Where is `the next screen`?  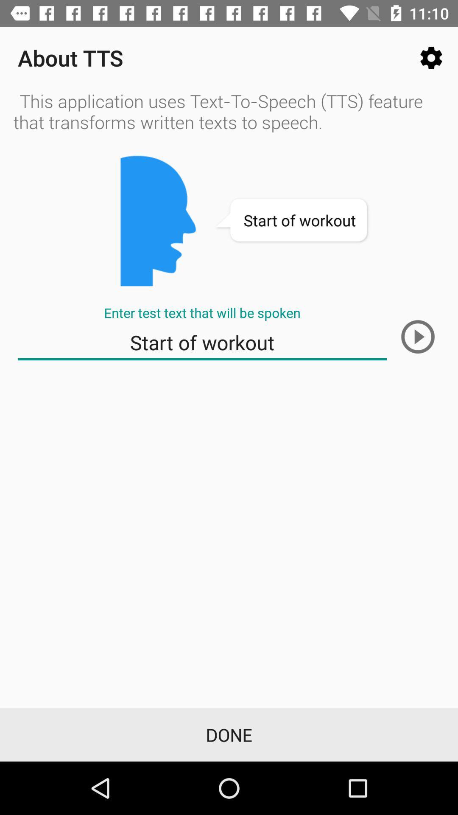
the next screen is located at coordinates (417, 336).